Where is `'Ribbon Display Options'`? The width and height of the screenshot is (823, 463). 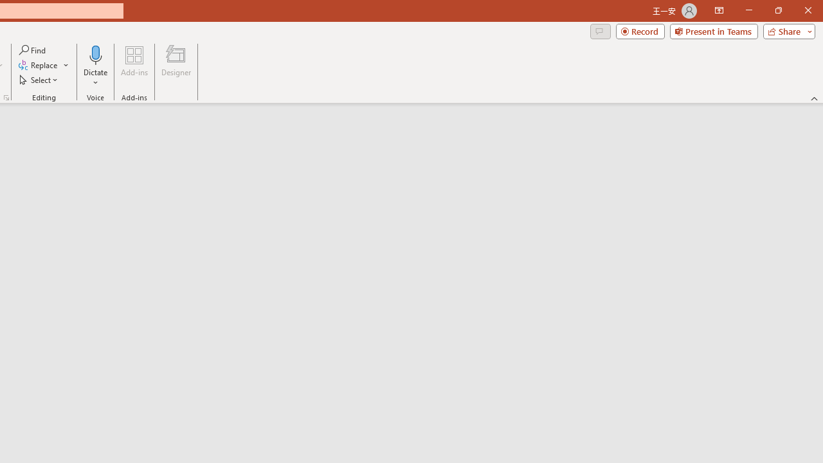
'Ribbon Display Options' is located at coordinates (718, 10).